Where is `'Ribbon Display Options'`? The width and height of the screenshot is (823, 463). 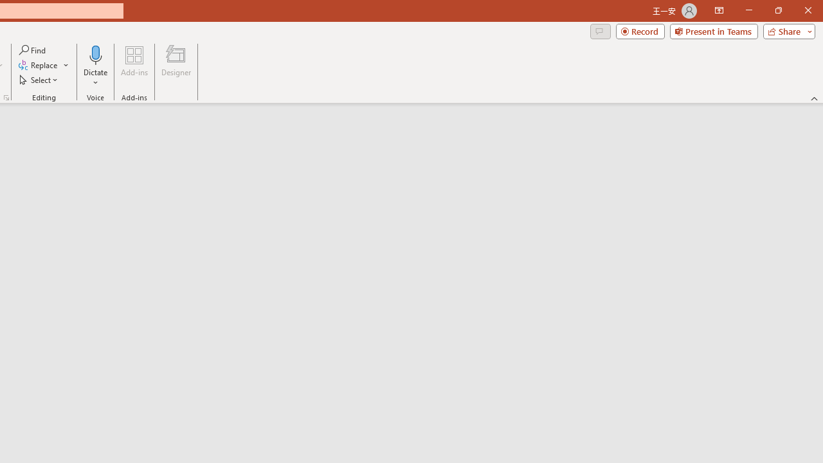
'Ribbon Display Options' is located at coordinates (718, 10).